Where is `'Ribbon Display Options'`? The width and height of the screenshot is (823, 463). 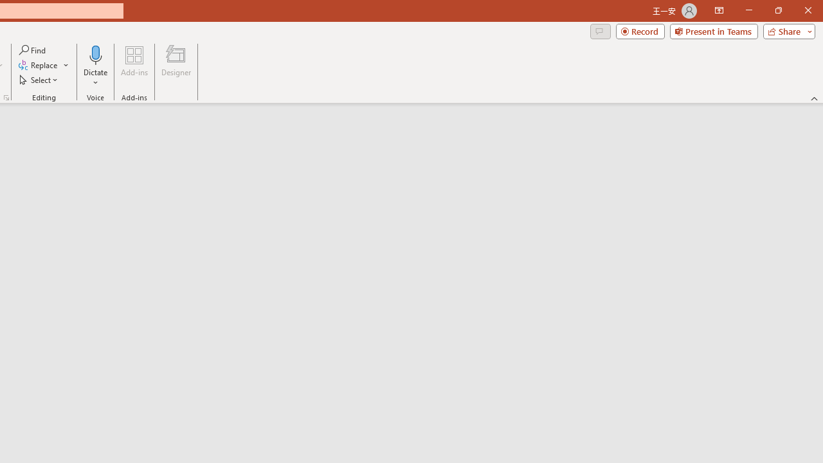
'Ribbon Display Options' is located at coordinates (718, 10).